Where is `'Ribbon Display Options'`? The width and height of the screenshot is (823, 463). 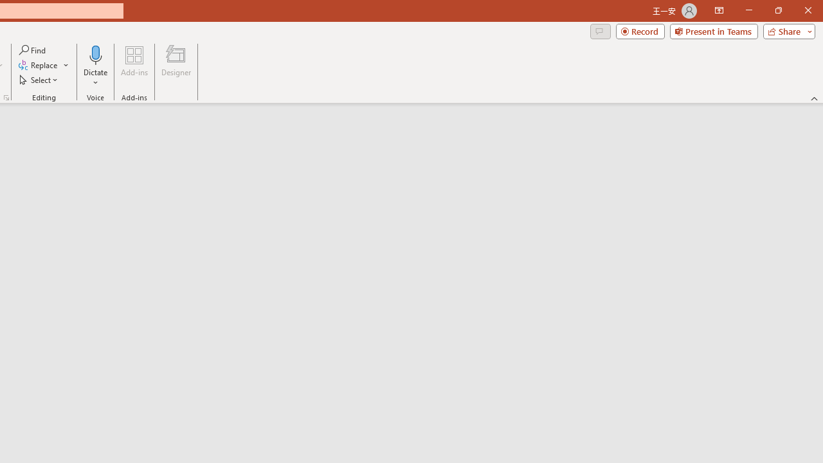
'Ribbon Display Options' is located at coordinates (718, 10).